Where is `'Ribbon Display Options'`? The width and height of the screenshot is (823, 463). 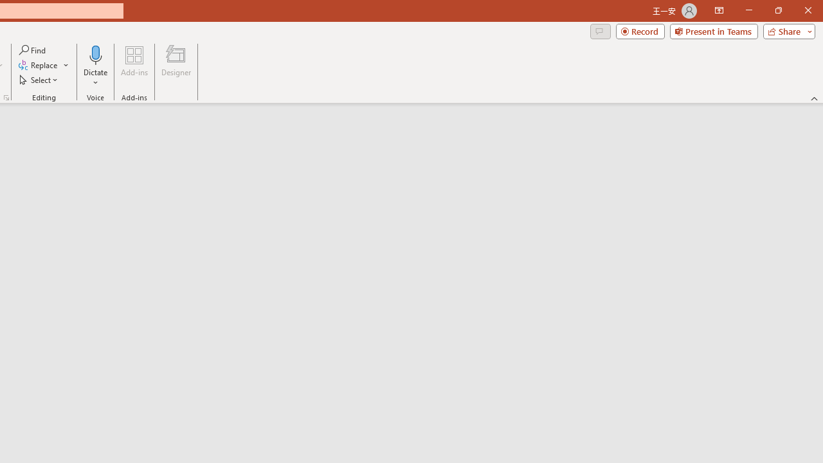
'Ribbon Display Options' is located at coordinates (718, 10).